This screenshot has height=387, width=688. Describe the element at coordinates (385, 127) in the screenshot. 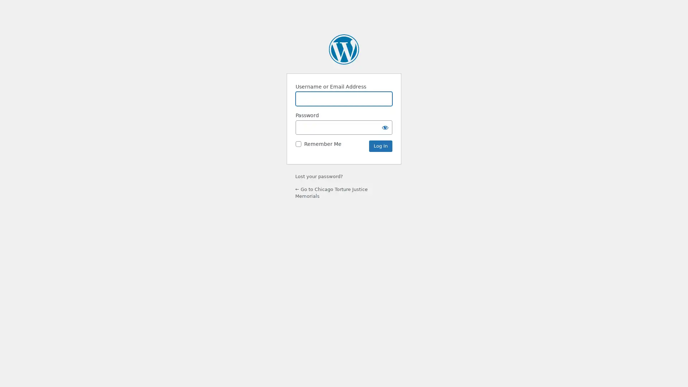

I see `Show password` at that location.